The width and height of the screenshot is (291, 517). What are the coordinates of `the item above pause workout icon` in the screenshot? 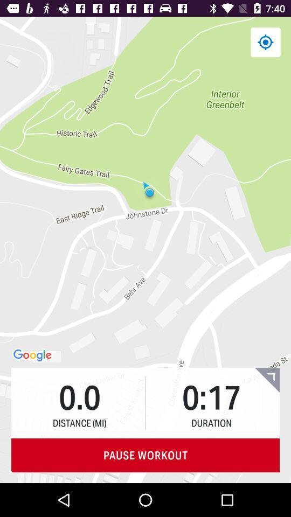 It's located at (266, 380).